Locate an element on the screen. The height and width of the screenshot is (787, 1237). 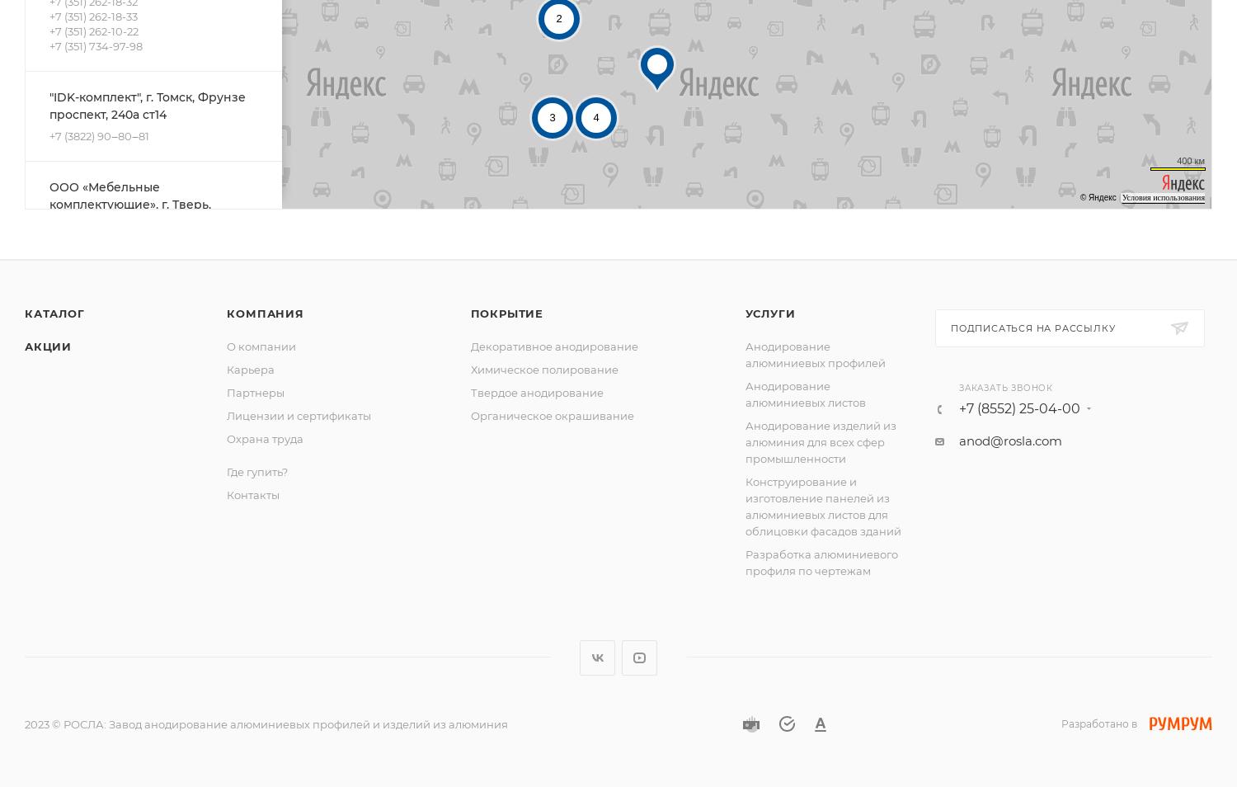
'+7 (351) 262-10-22' is located at coordinates (93, 30).